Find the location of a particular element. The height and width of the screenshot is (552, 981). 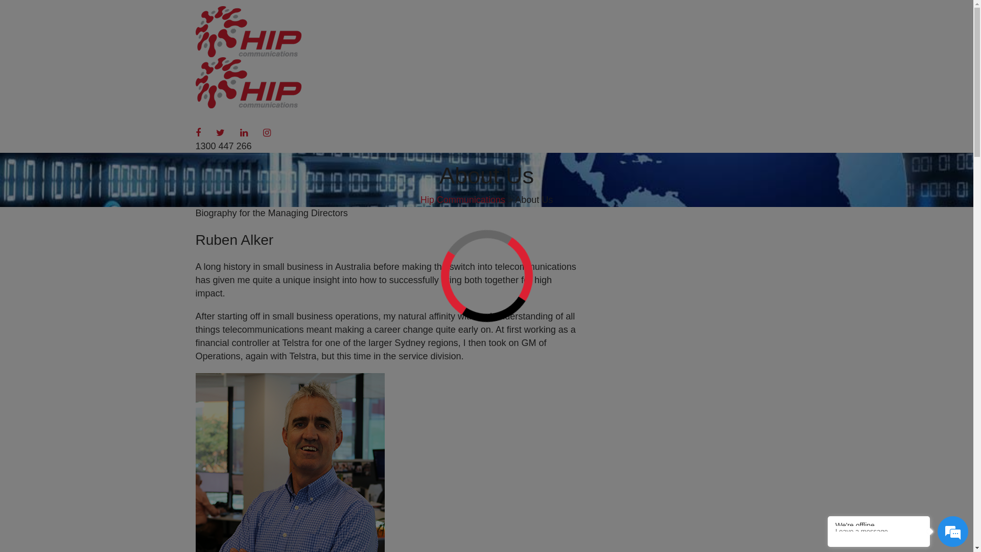

'instagram' is located at coordinates (267, 132).